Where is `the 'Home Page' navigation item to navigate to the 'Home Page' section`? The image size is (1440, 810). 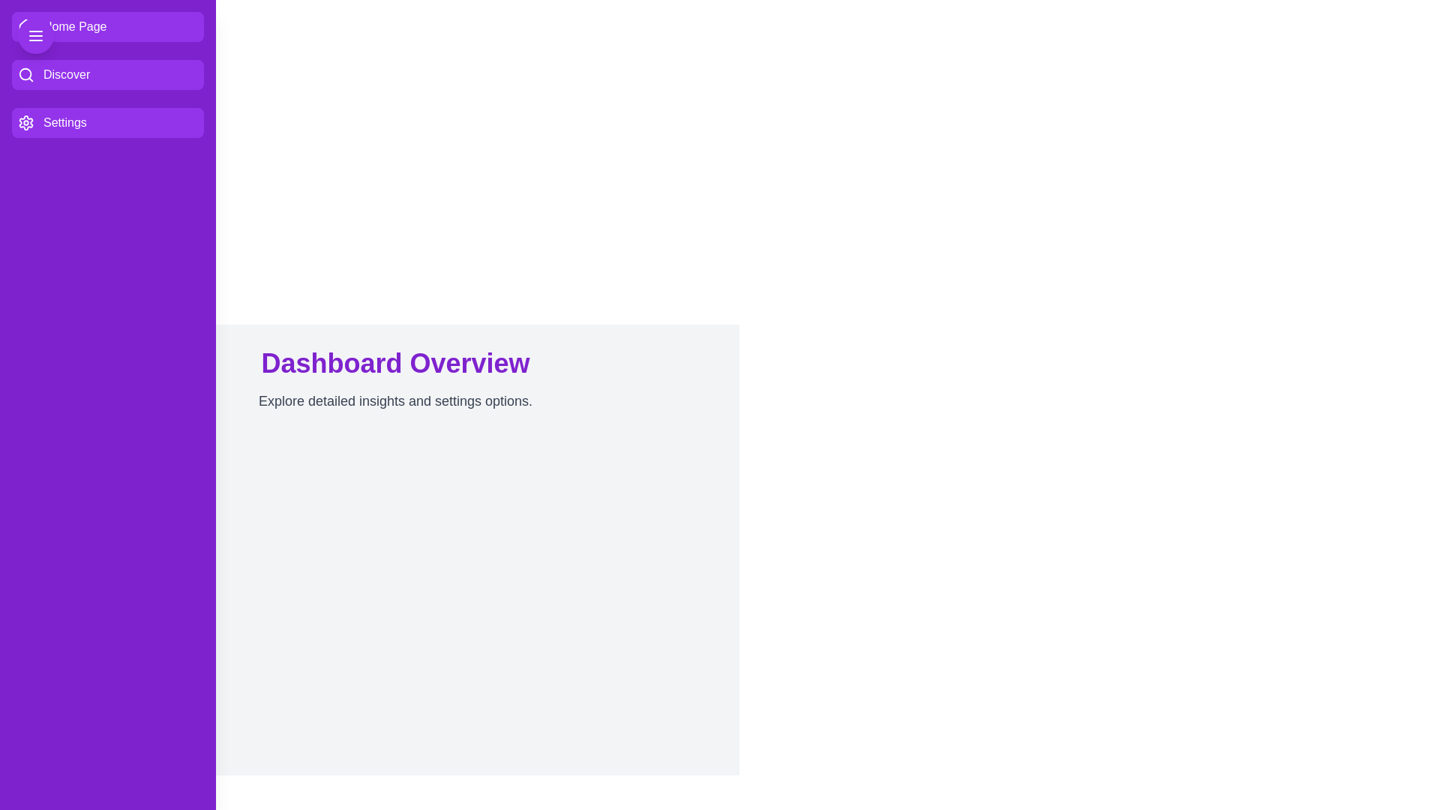 the 'Home Page' navigation item to navigate to the 'Home Page' section is located at coordinates (107, 26).